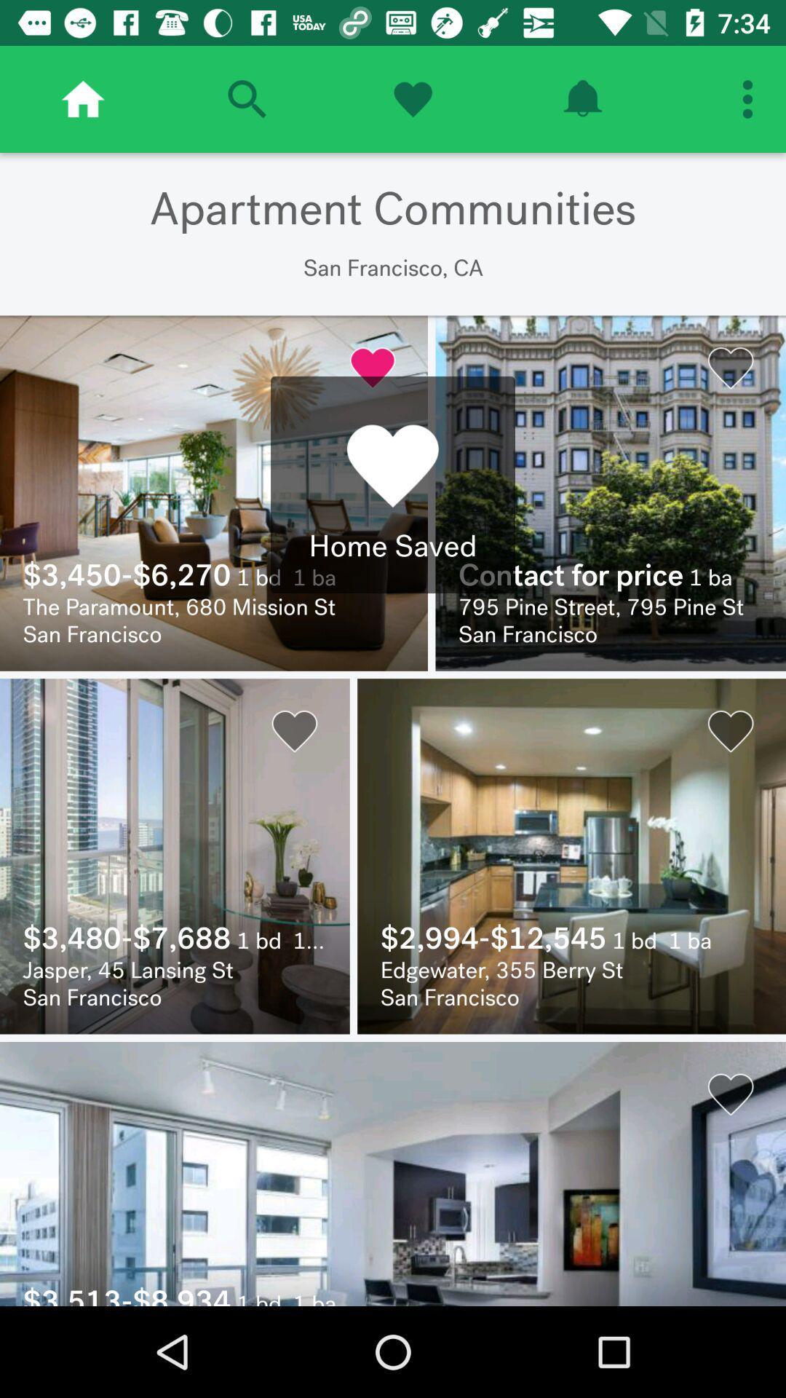 This screenshot has width=786, height=1398. What do you see at coordinates (413, 98) in the screenshot?
I see `home` at bounding box center [413, 98].